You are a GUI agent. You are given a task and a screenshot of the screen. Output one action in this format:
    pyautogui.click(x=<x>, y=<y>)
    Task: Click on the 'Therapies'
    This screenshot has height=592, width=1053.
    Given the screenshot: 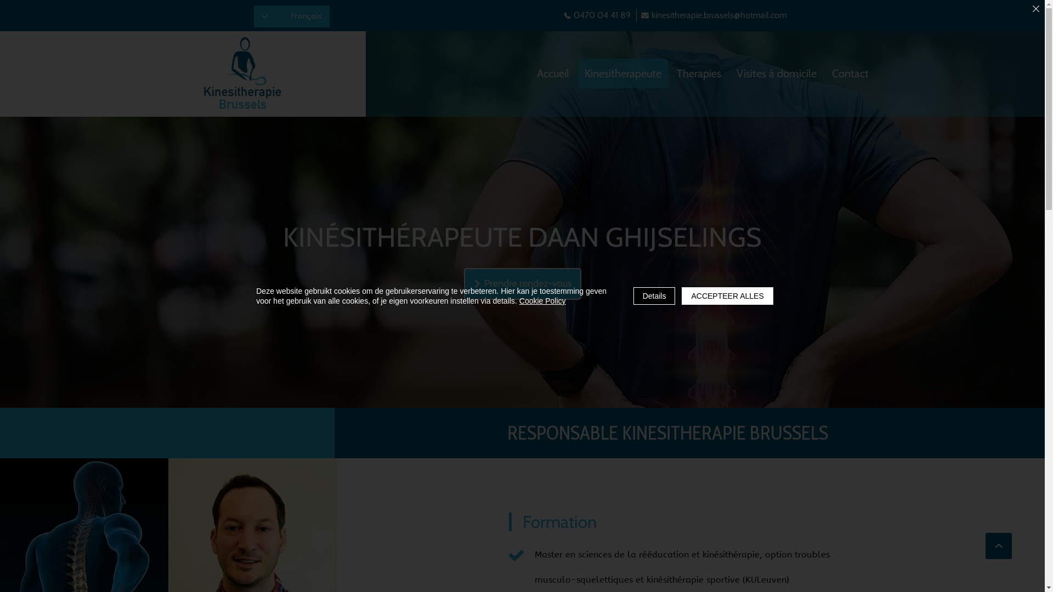 What is the action you would take?
    pyautogui.click(x=698, y=73)
    